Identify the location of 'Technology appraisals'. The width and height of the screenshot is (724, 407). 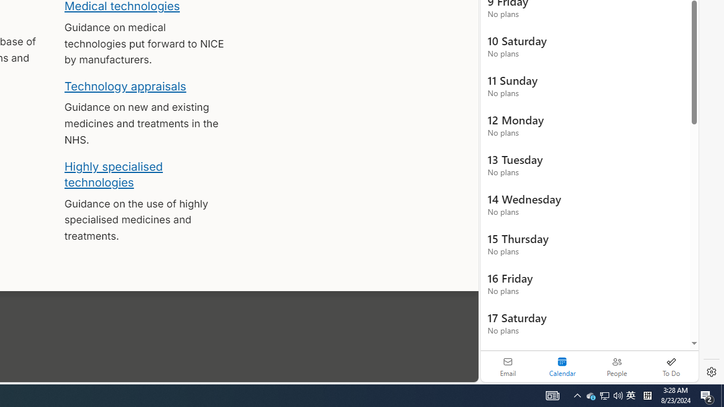
(126, 86).